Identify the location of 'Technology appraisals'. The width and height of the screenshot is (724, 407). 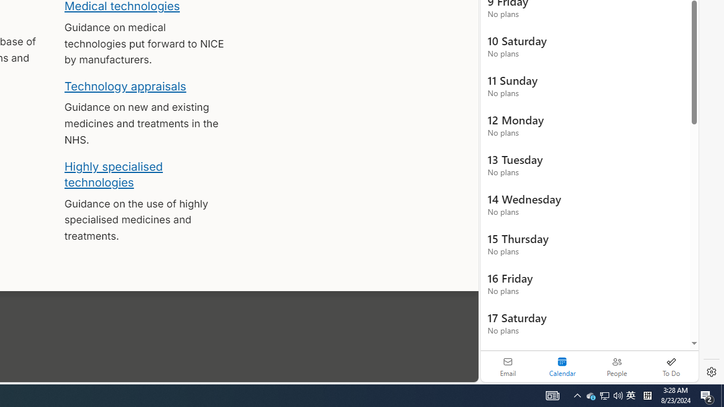
(126, 86).